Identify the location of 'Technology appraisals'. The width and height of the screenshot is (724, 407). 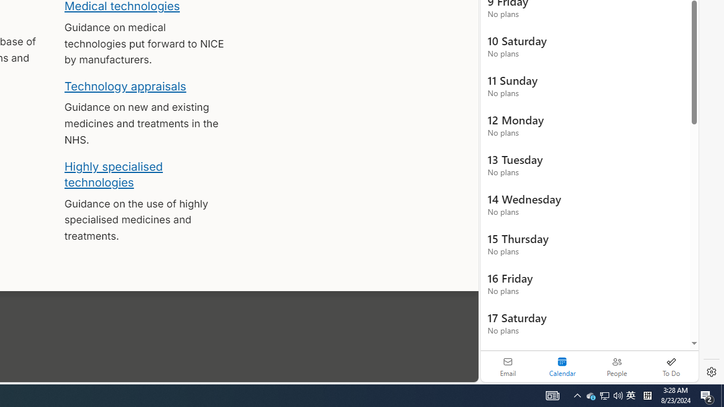
(126, 86).